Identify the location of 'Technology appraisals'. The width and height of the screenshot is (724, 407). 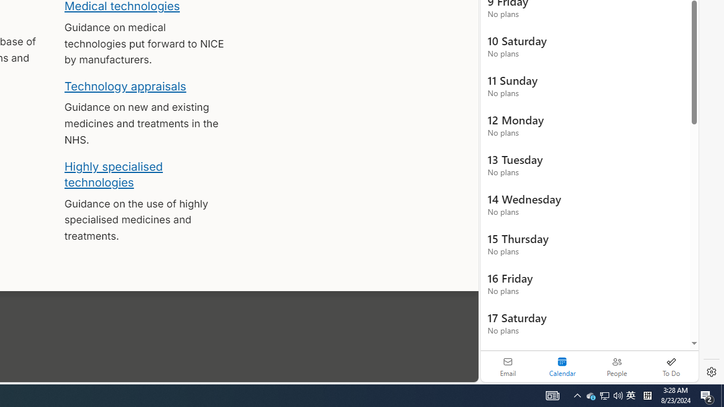
(126, 86).